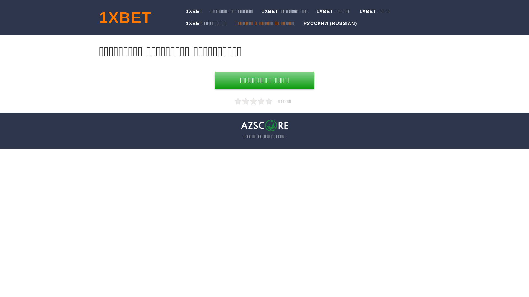  I want to click on '1XBET', so click(194, 12).